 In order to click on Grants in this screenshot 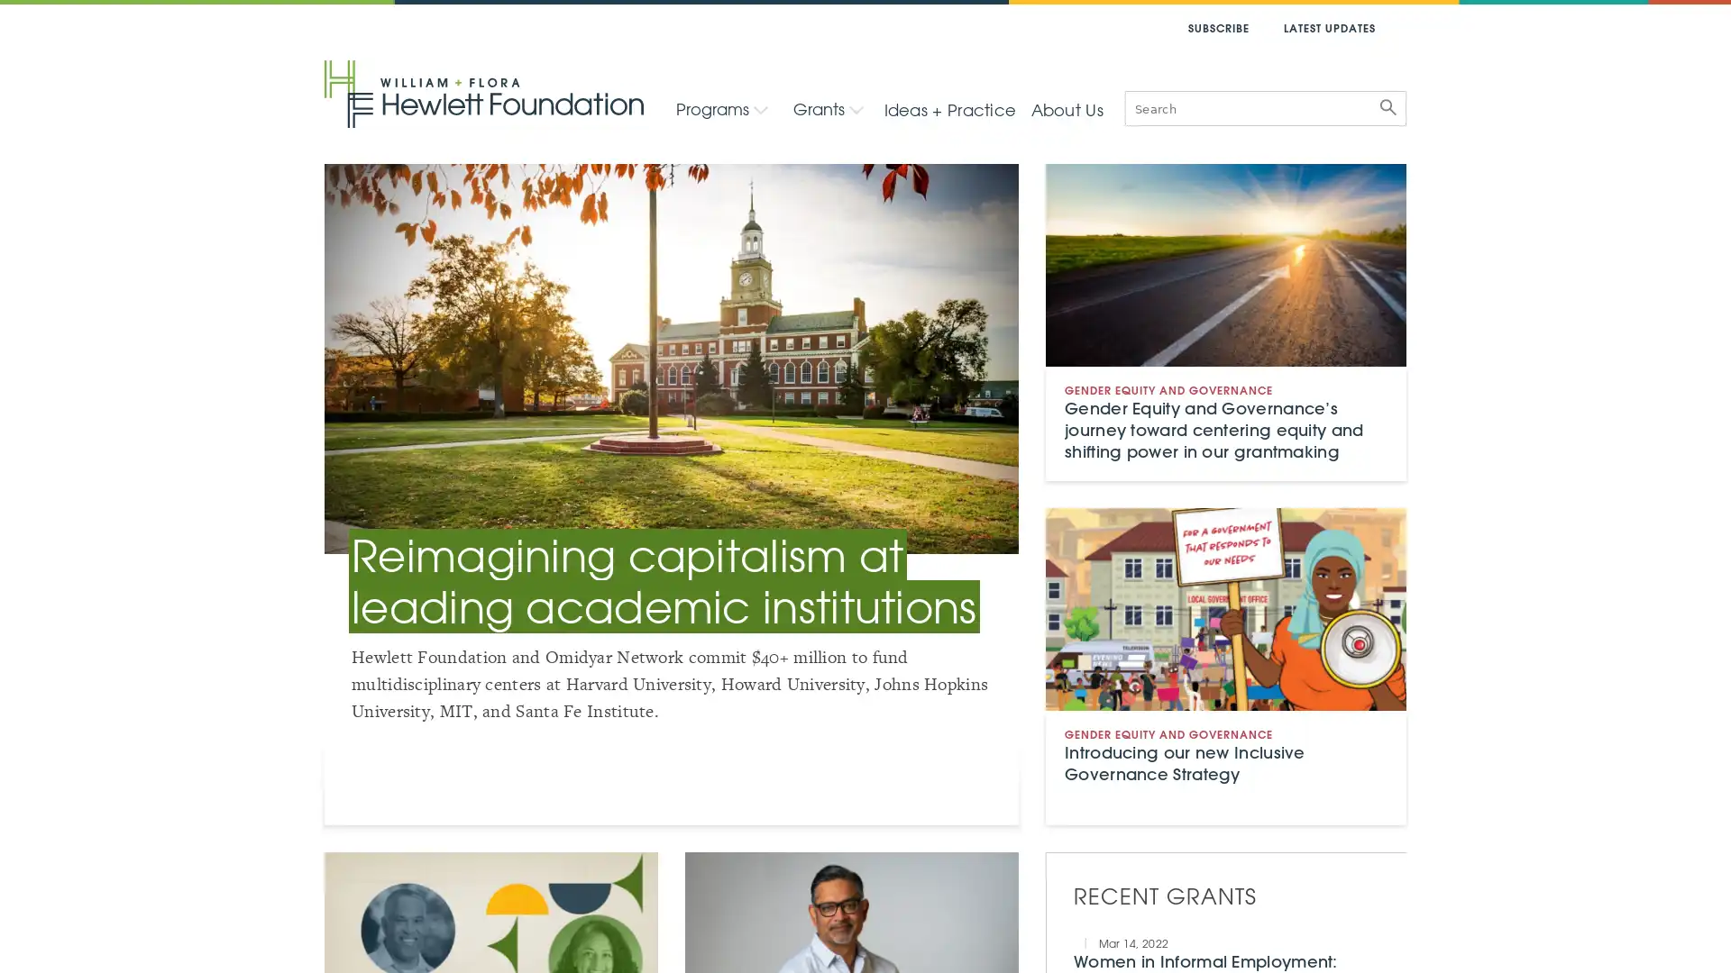, I will do `click(827, 108)`.